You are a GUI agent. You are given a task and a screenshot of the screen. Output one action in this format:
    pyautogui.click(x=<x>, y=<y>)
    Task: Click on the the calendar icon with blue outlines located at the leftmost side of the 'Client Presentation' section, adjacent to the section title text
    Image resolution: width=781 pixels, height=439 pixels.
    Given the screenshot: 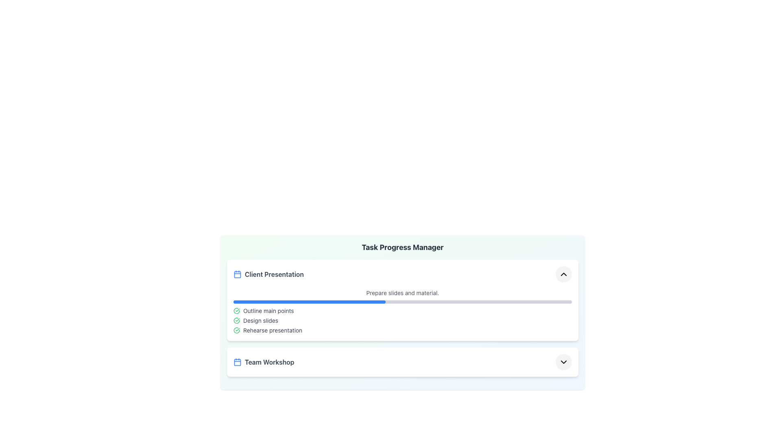 What is the action you would take?
    pyautogui.click(x=237, y=274)
    